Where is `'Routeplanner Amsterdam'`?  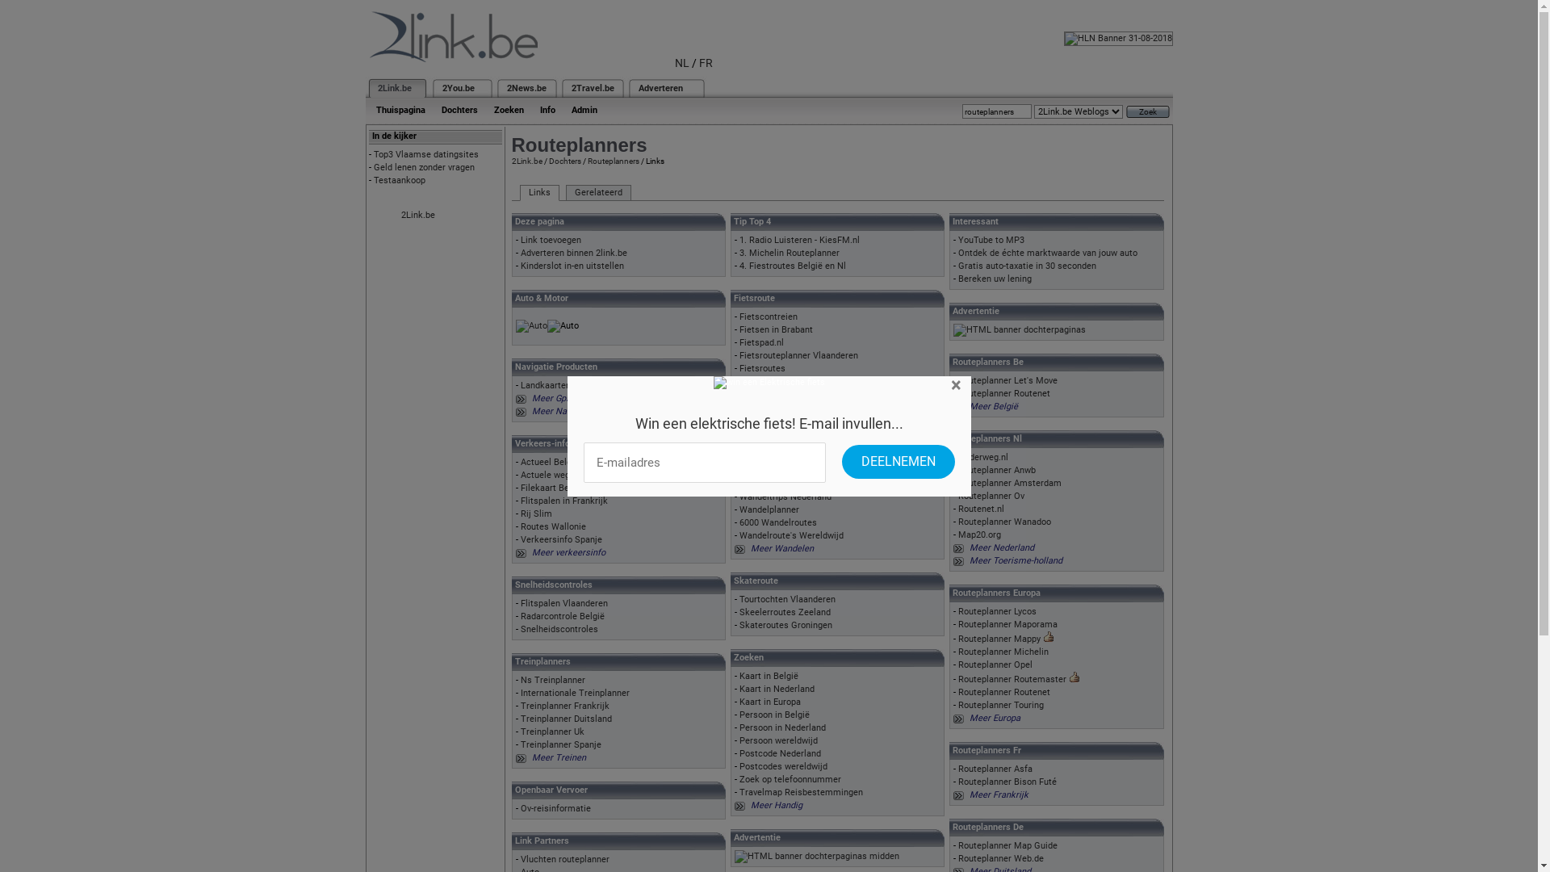 'Routeplanner Amsterdam' is located at coordinates (1009, 482).